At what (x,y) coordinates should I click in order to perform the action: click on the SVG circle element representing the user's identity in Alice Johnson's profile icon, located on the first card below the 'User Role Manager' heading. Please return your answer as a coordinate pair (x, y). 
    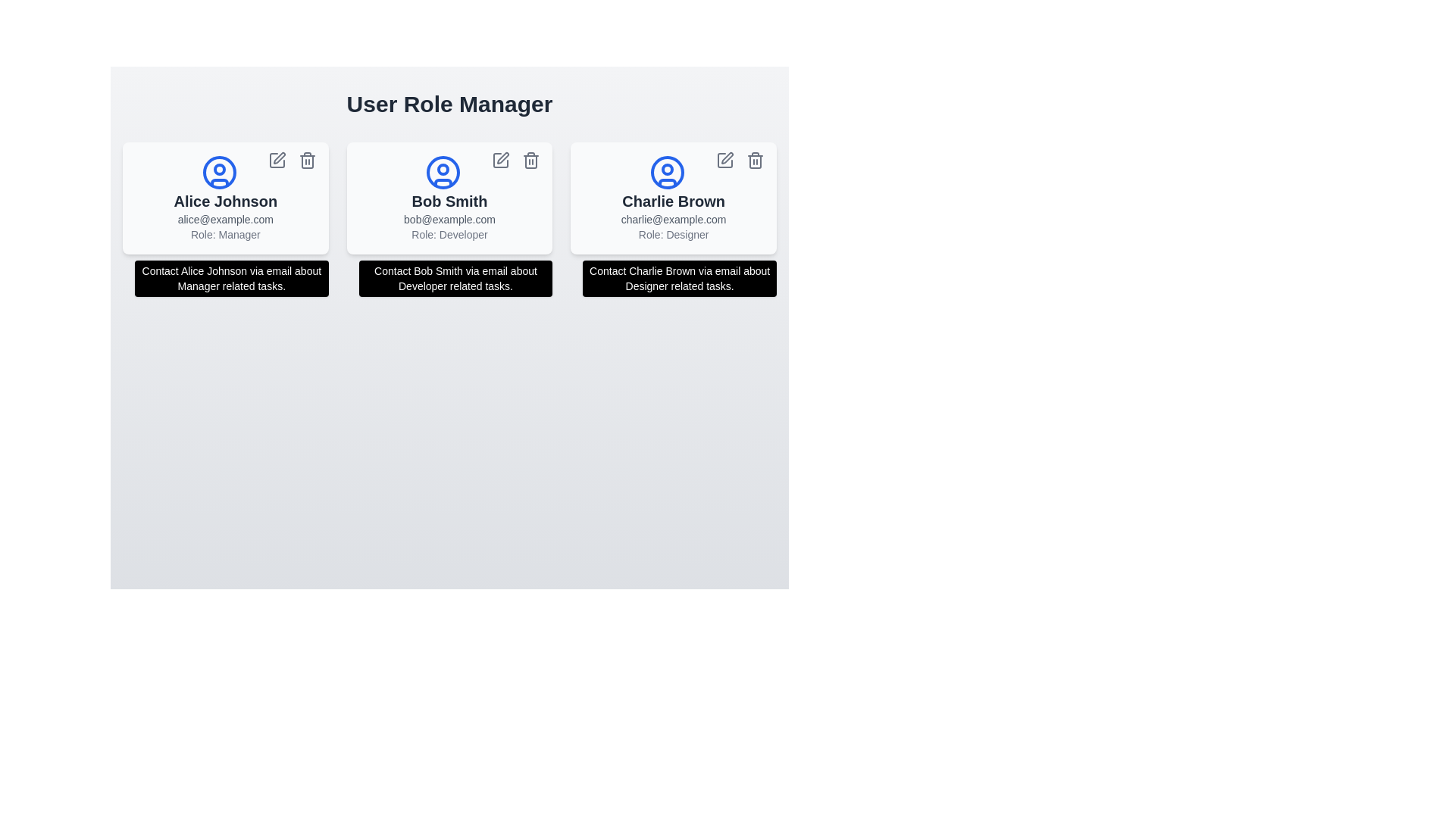
    Looking at the image, I should click on (218, 171).